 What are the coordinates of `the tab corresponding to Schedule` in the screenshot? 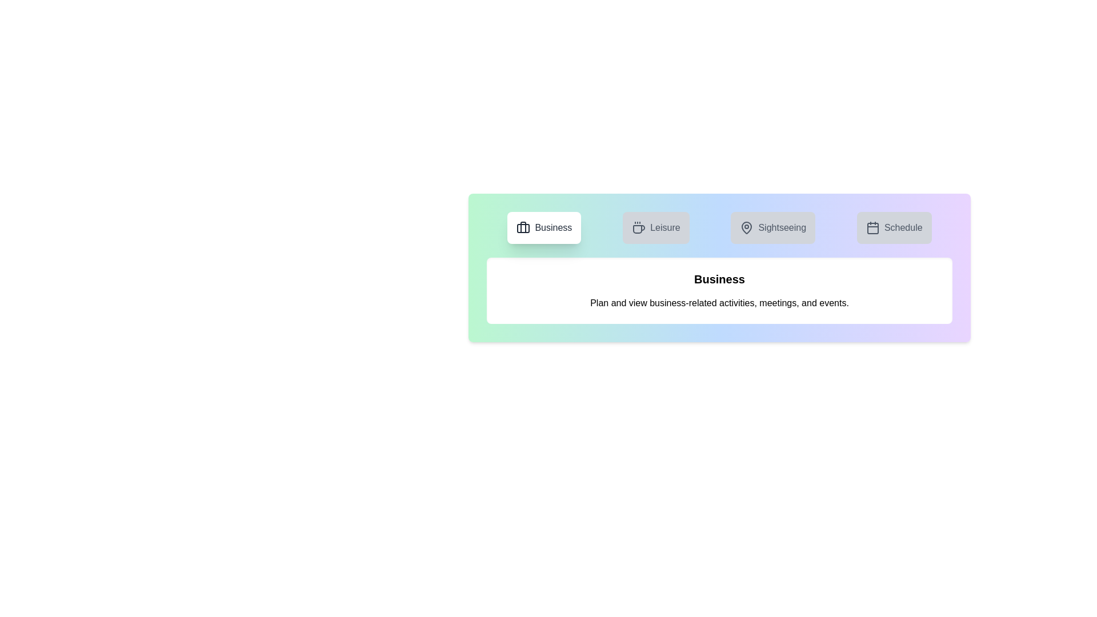 It's located at (893, 227).